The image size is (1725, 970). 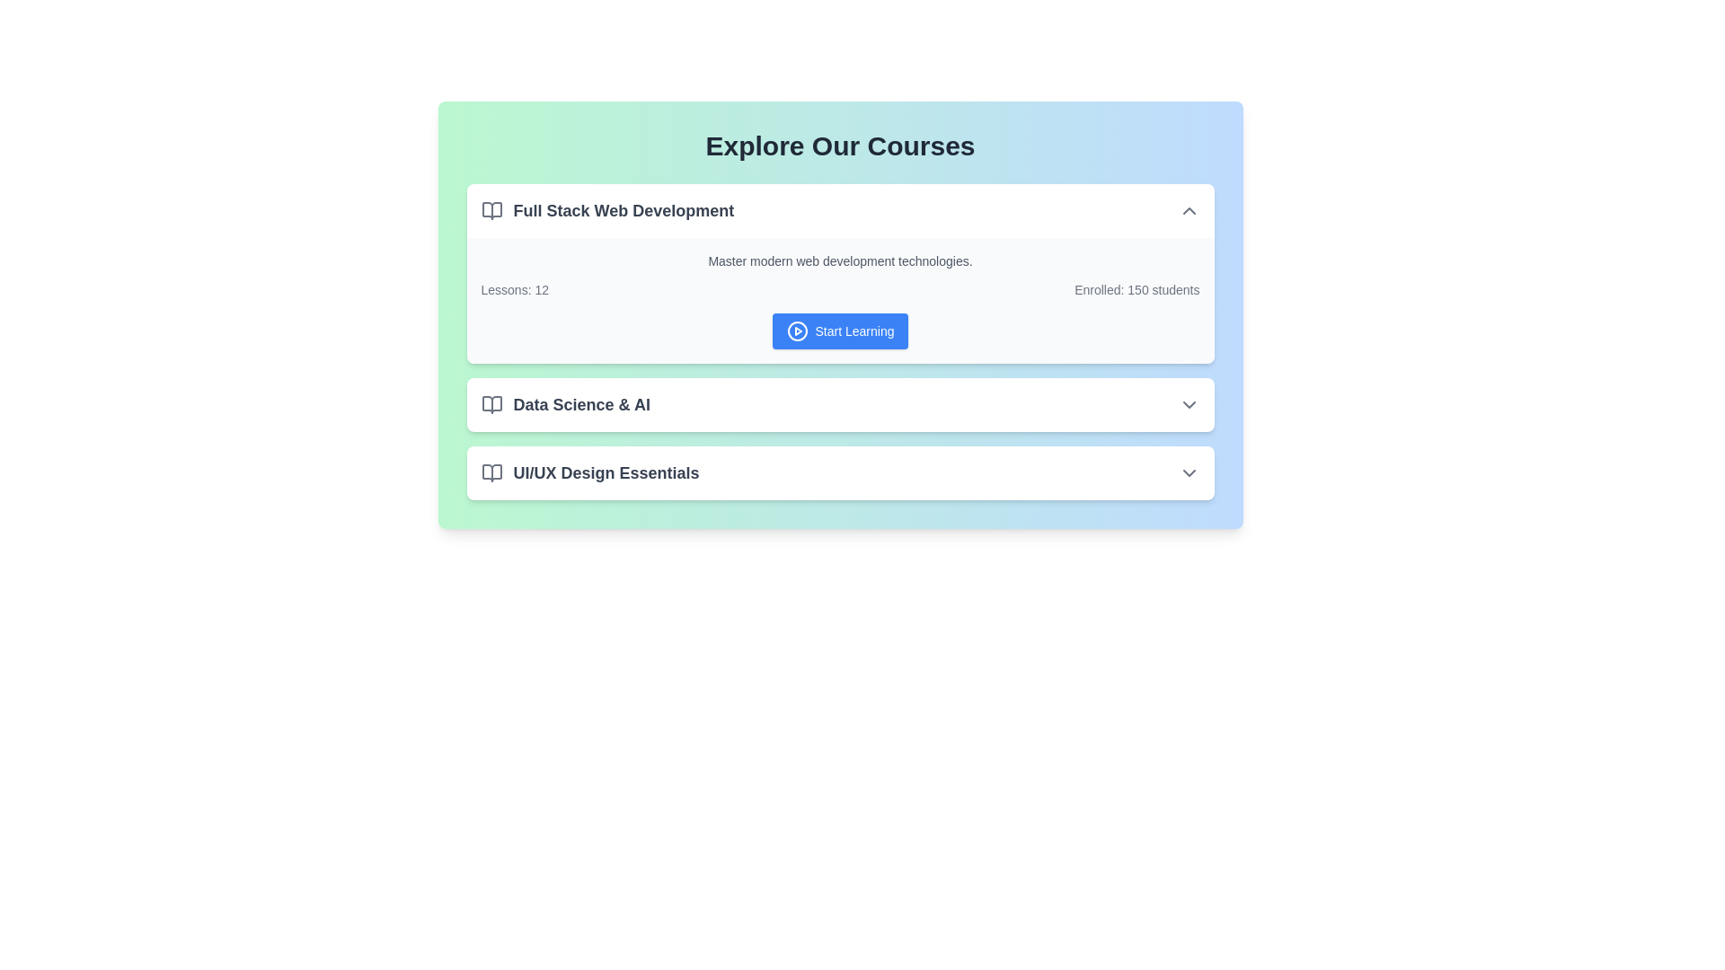 What do you see at coordinates (590, 472) in the screenshot?
I see `keyboard navigation` at bounding box center [590, 472].